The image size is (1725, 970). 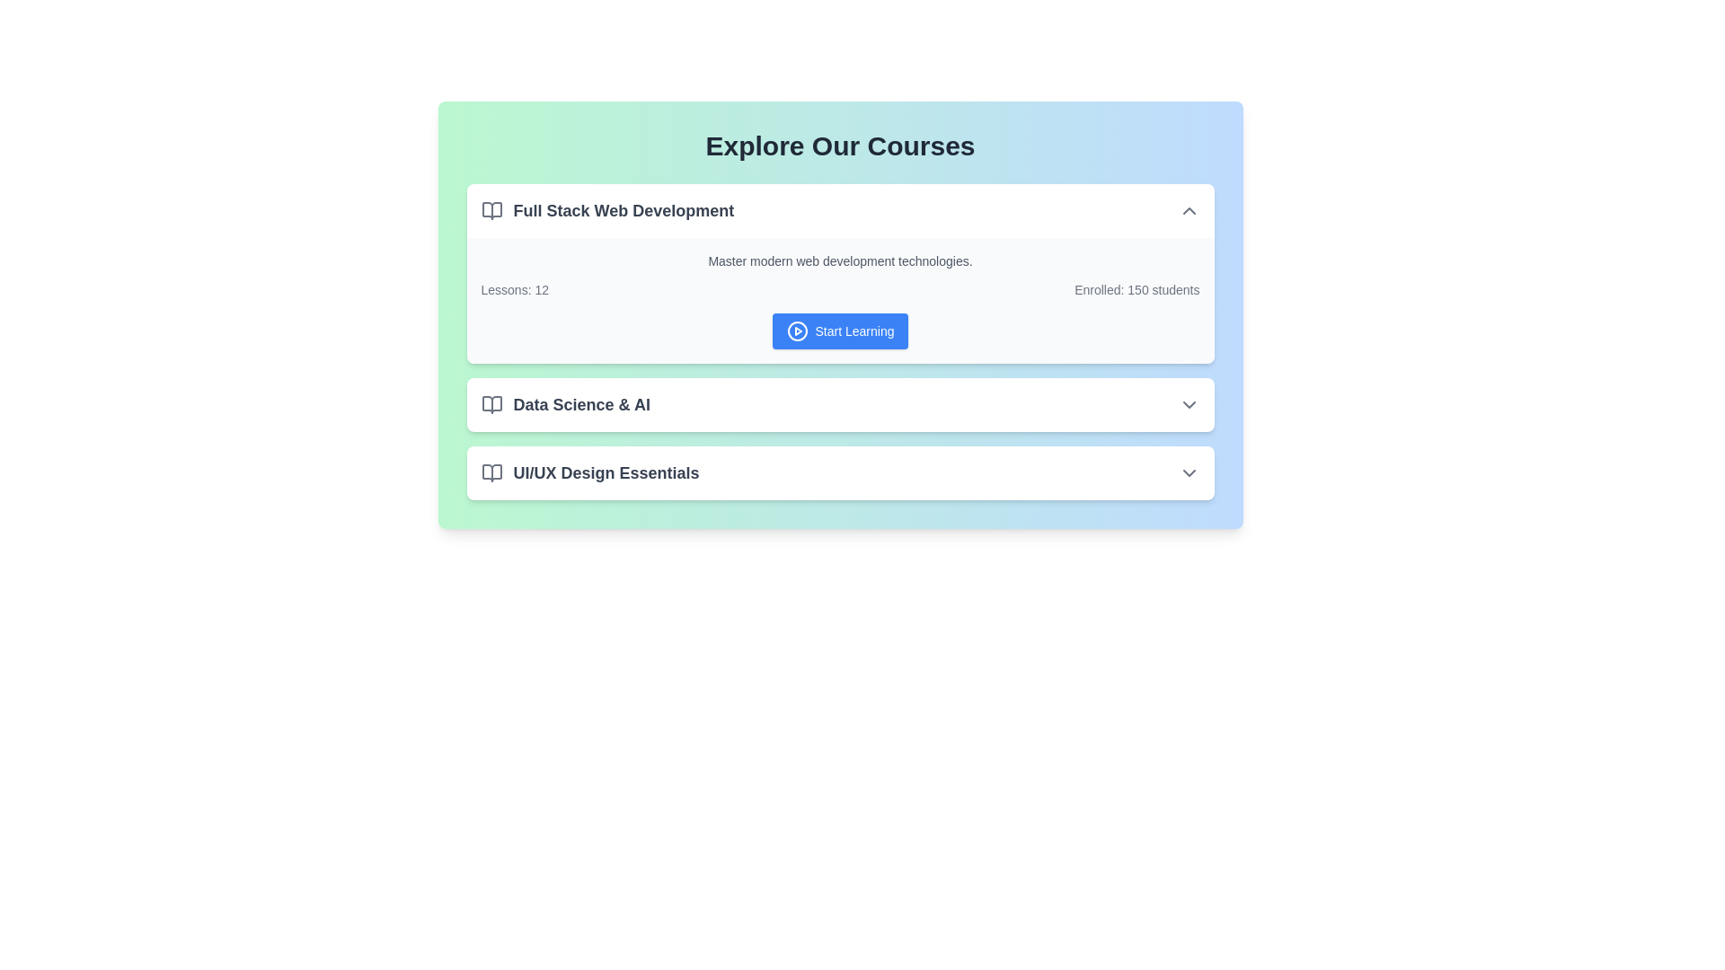 What do you see at coordinates (590, 472) in the screenshot?
I see `keyboard navigation` at bounding box center [590, 472].